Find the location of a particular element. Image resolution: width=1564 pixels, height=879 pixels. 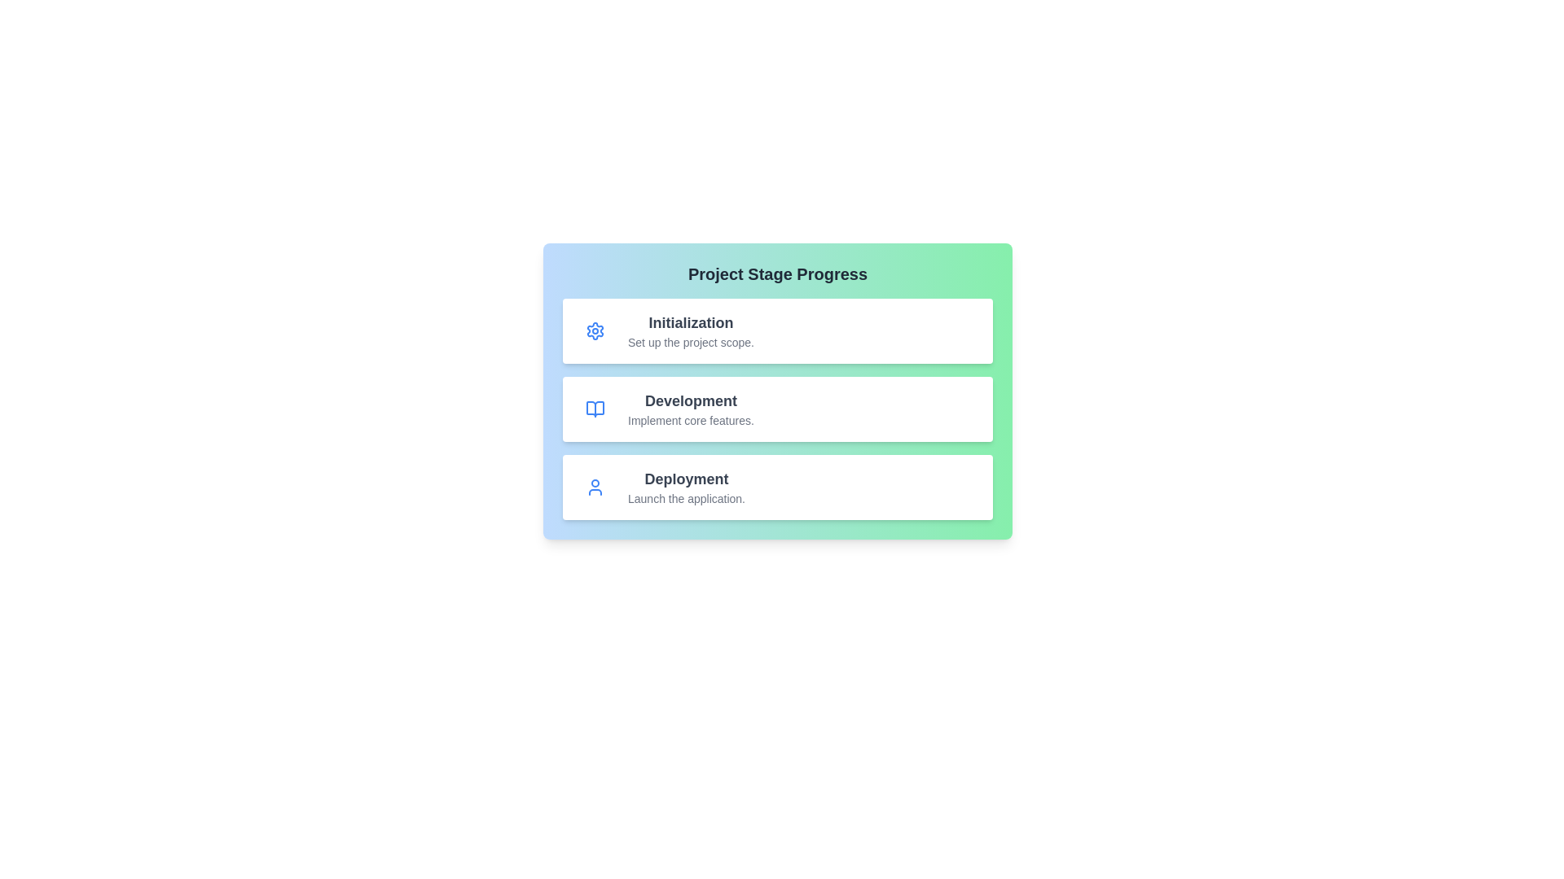

the user icon positioned on the left side of the 'Deployment - Launch the application.' section as a visual cue is located at coordinates (594, 486).